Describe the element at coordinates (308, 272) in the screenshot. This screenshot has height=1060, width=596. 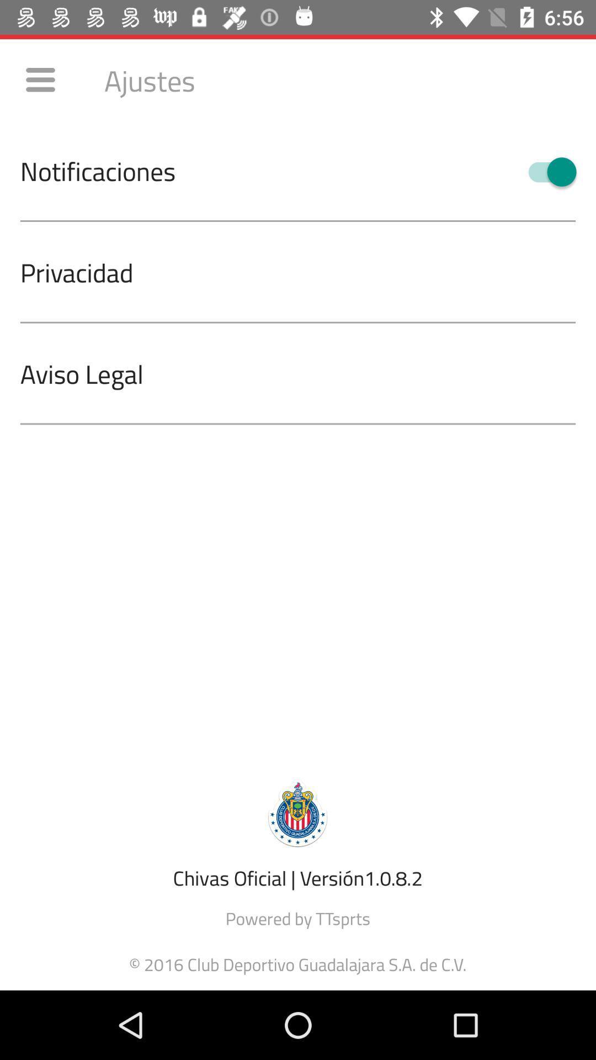
I see `the privacidad` at that location.